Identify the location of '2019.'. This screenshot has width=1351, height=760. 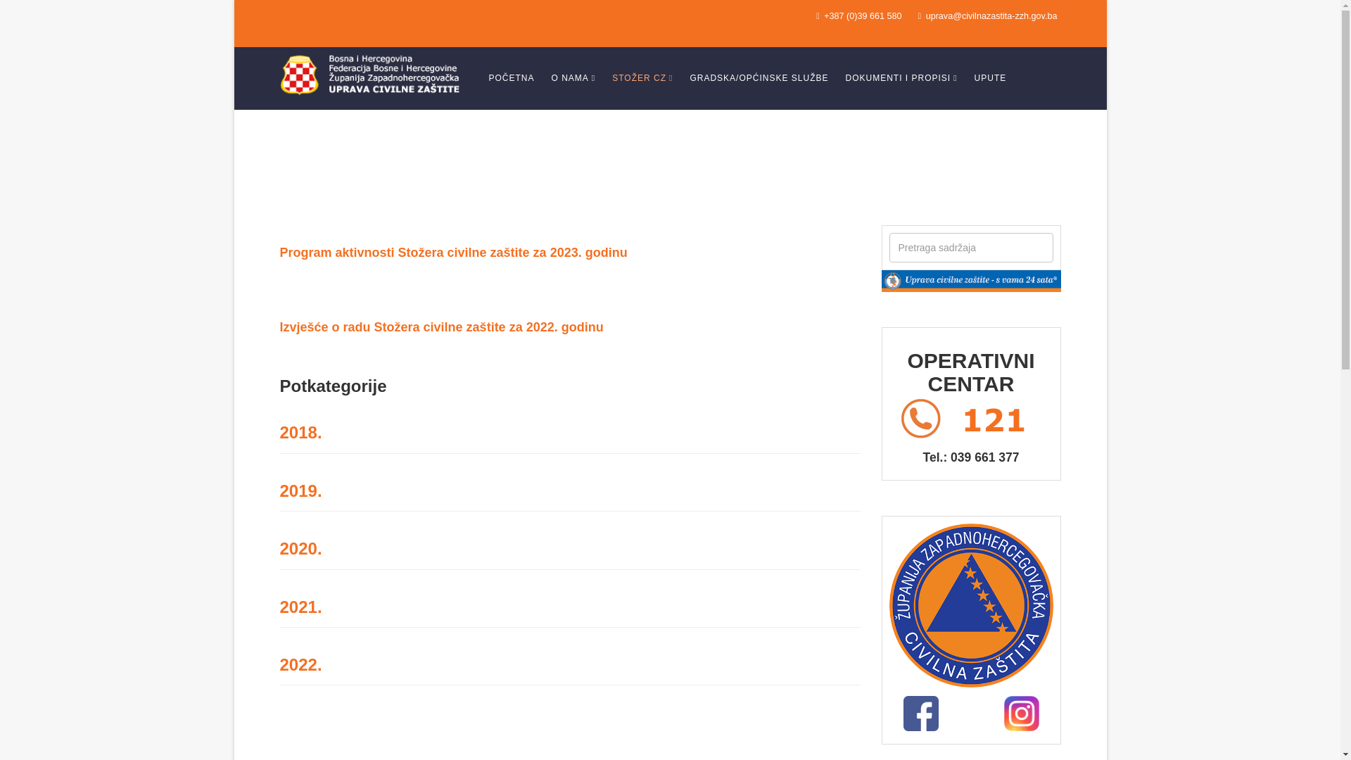
(300, 490).